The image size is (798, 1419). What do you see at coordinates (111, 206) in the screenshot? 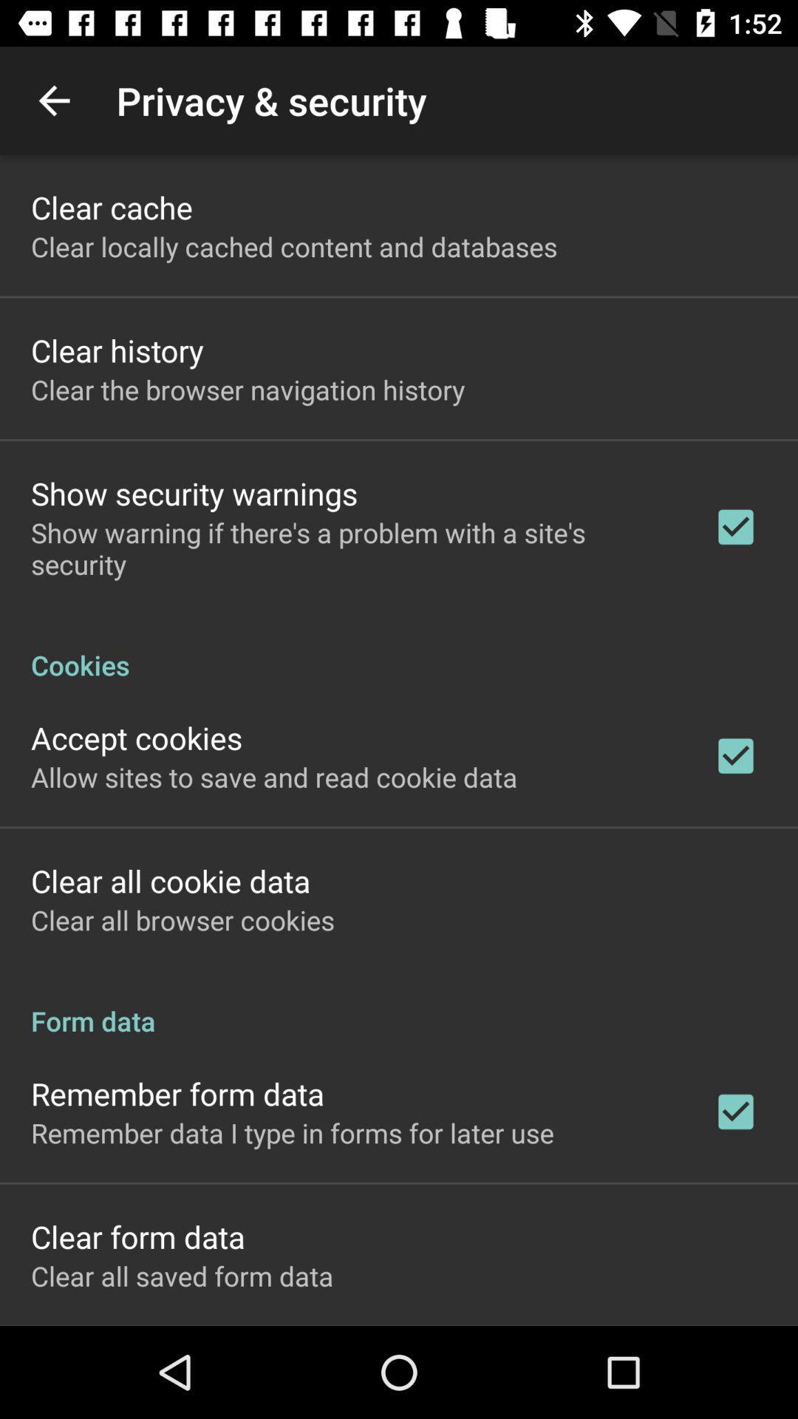
I see `icon above the clear locally cached` at bounding box center [111, 206].